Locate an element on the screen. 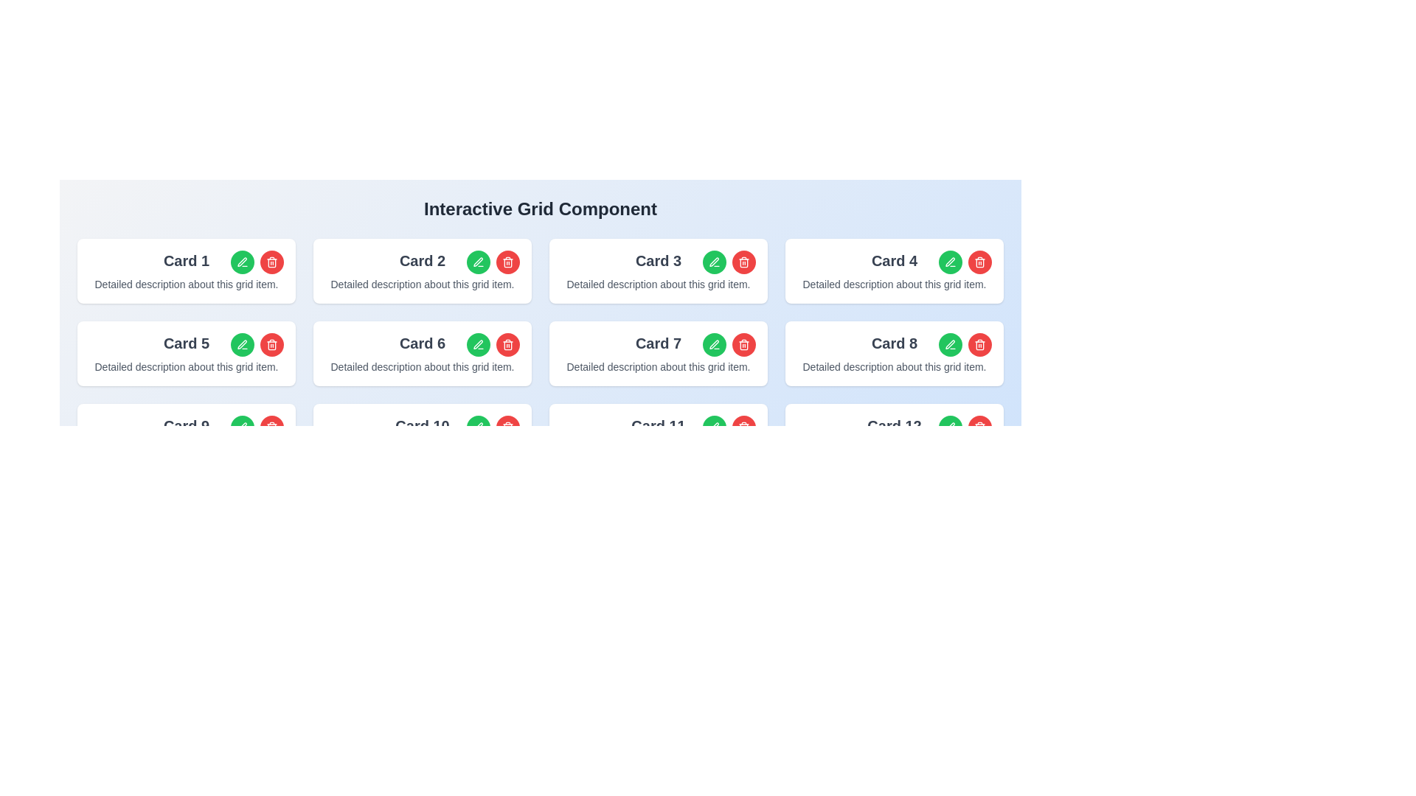 Image resolution: width=1416 pixels, height=796 pixels. the text label that reads 'Detailed description about this grid item.' located underneath the title 'Card 7' in the corresponding card is located at coordinates (657, 366).